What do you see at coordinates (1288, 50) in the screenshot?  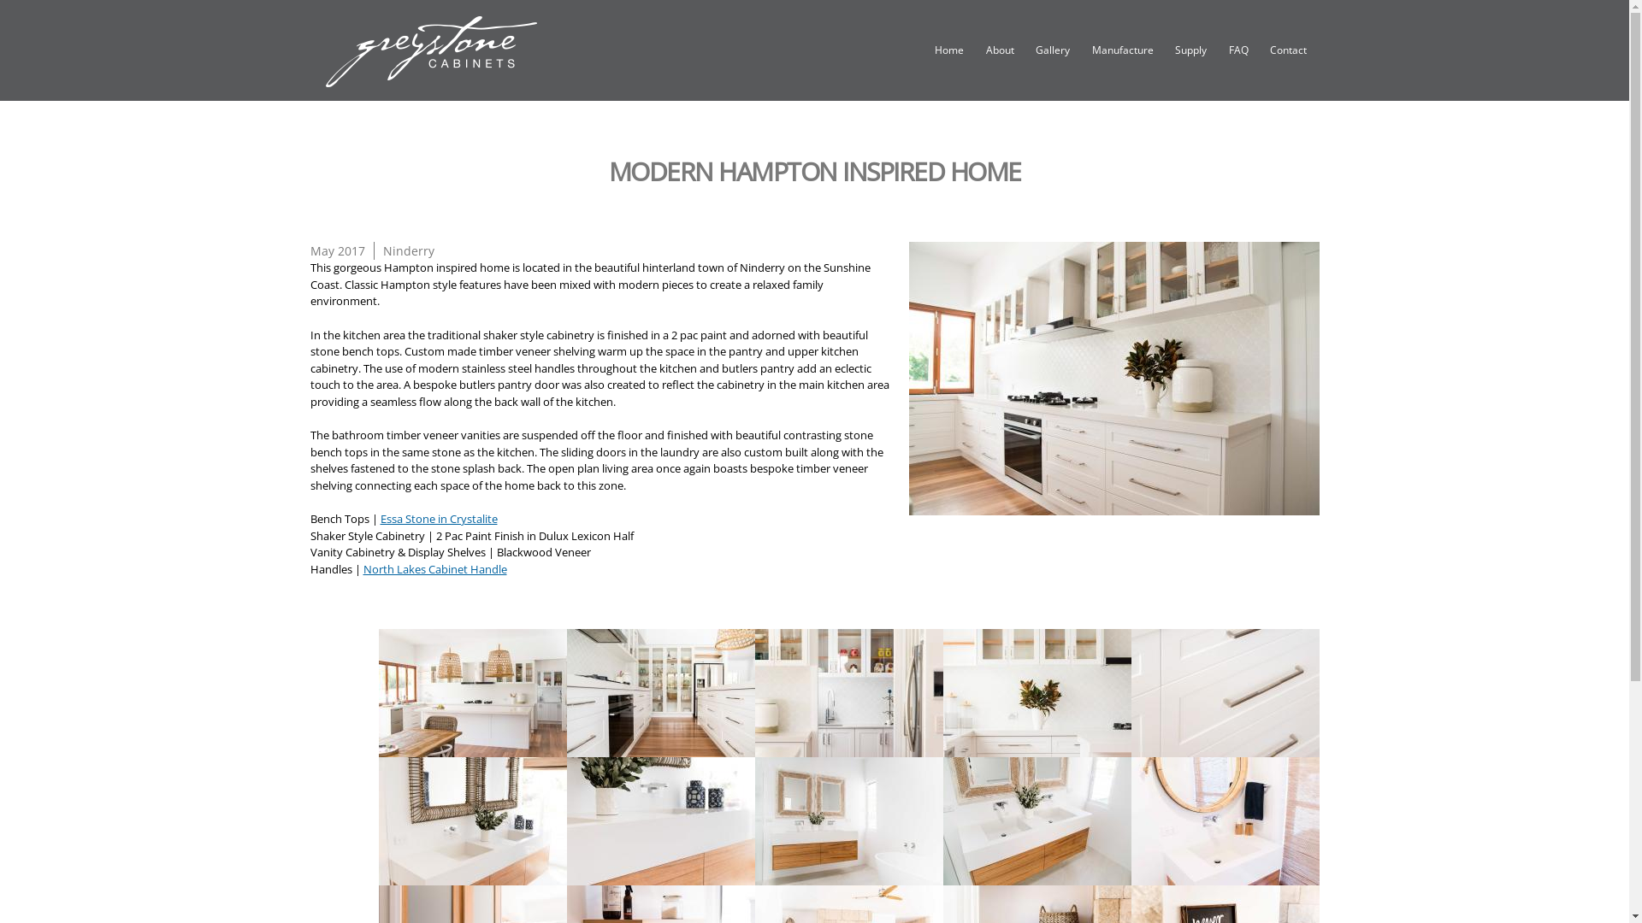 I see `'Contact'` at bounding box center [1288, 50].